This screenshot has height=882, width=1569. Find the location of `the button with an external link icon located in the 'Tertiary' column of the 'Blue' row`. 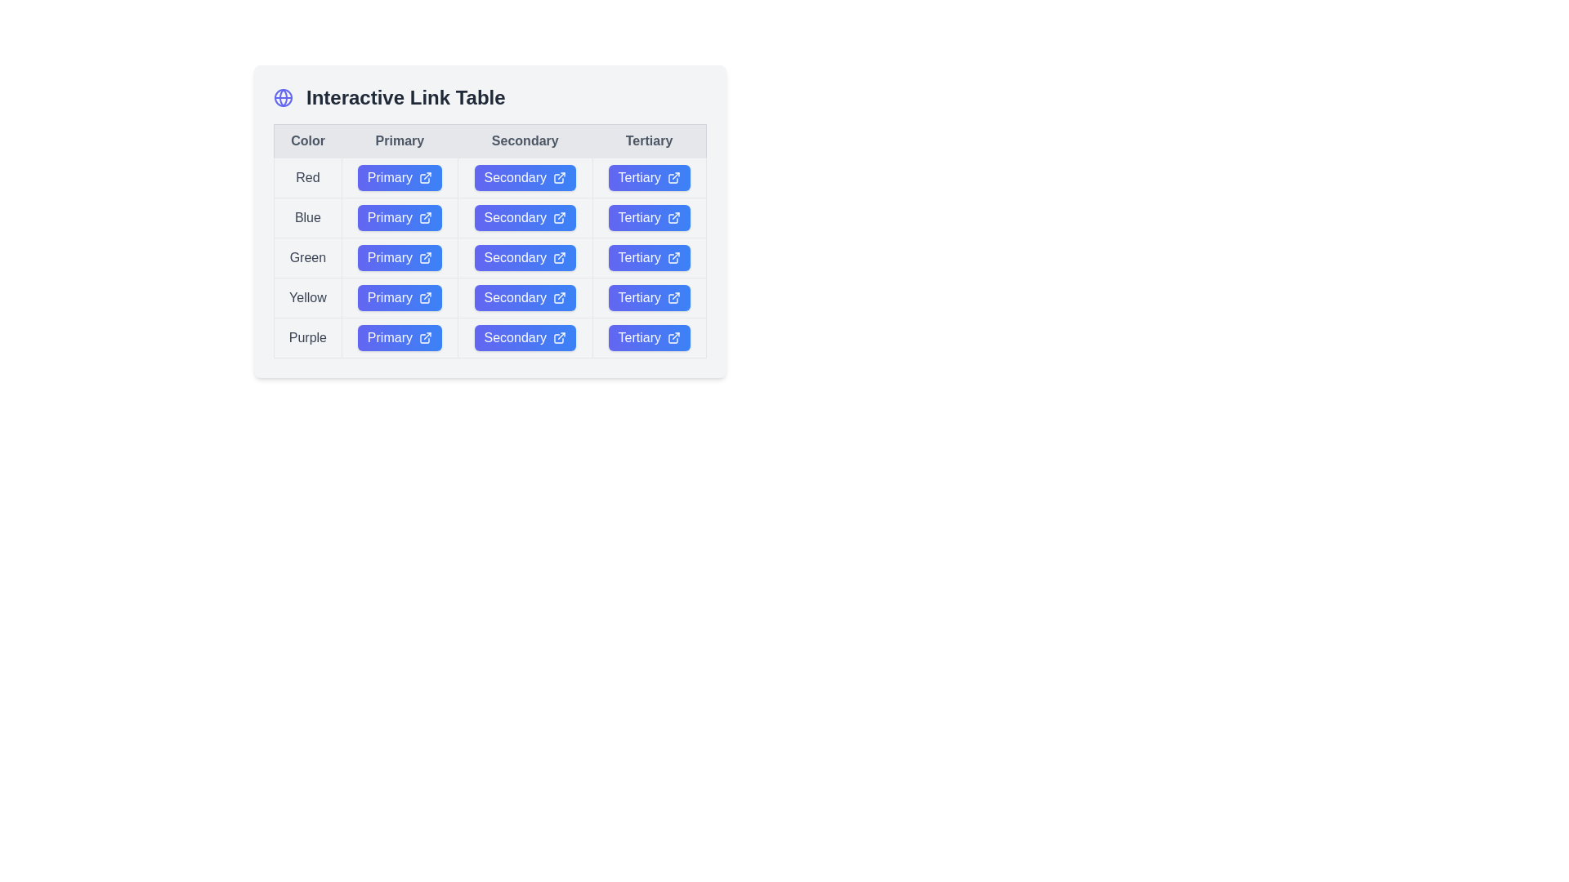

the button with an external link icon located in the 'Tertiary' column of the 'Blue' row is located at coordinates (648, 216).